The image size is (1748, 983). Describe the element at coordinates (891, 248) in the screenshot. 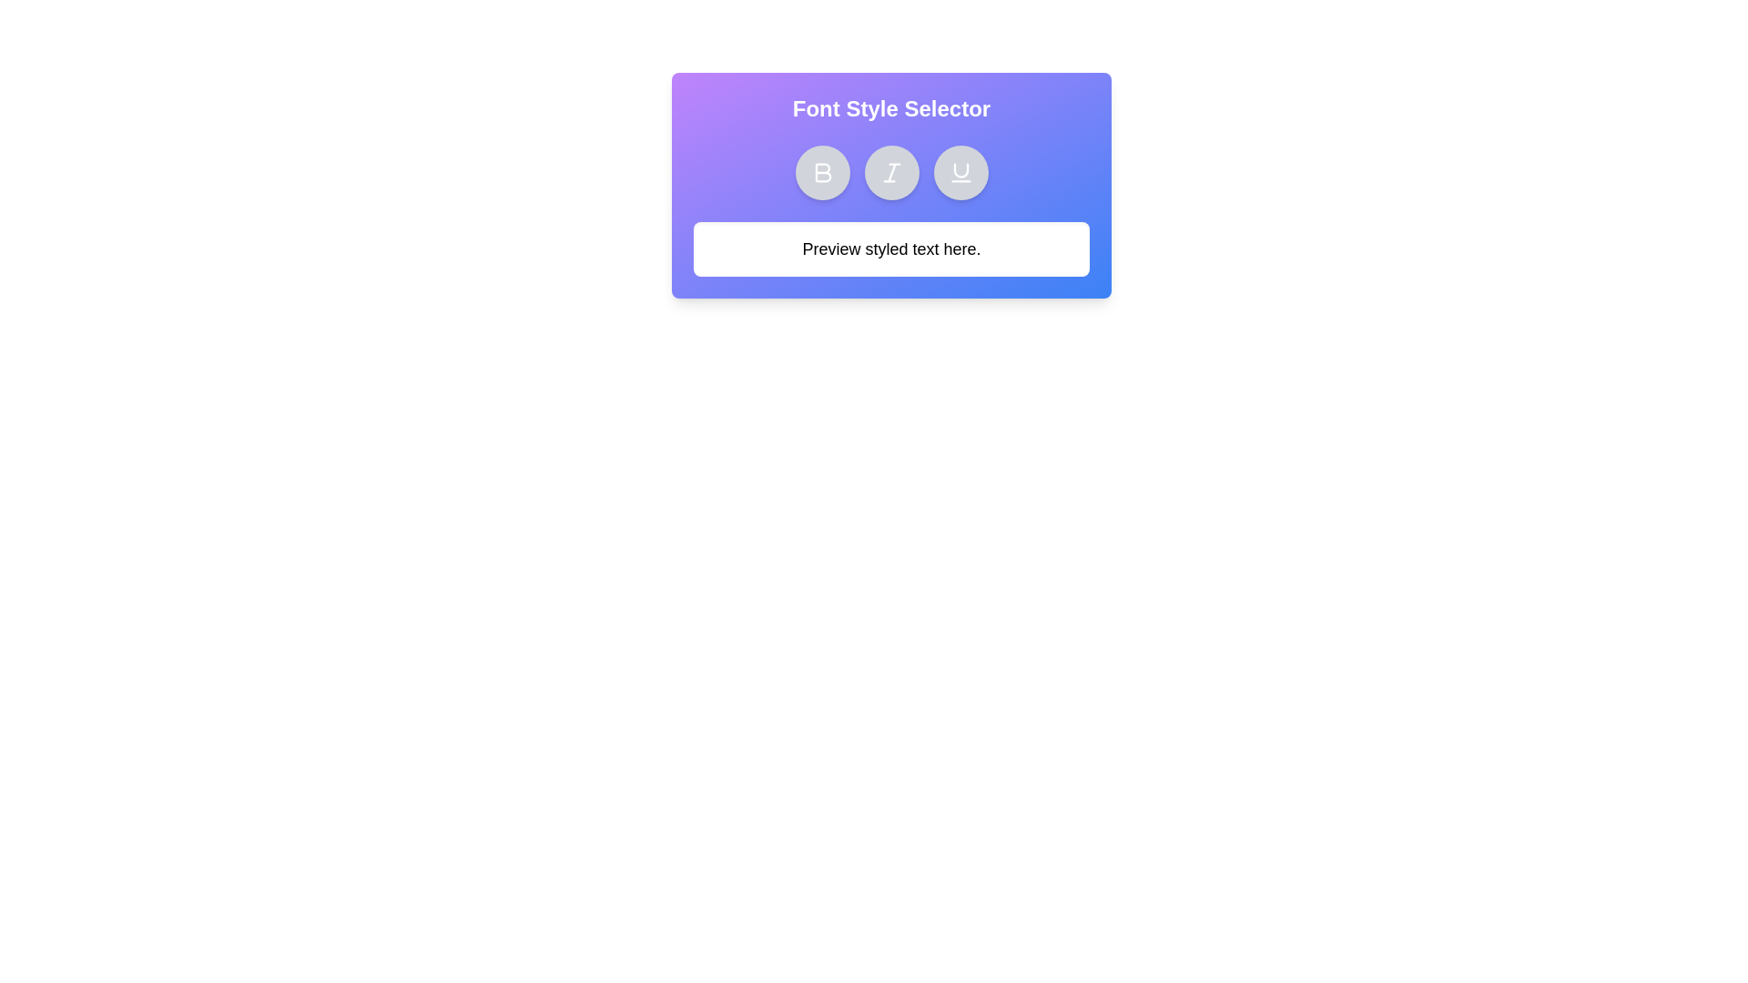

I see `the preview text to select it` at that location.